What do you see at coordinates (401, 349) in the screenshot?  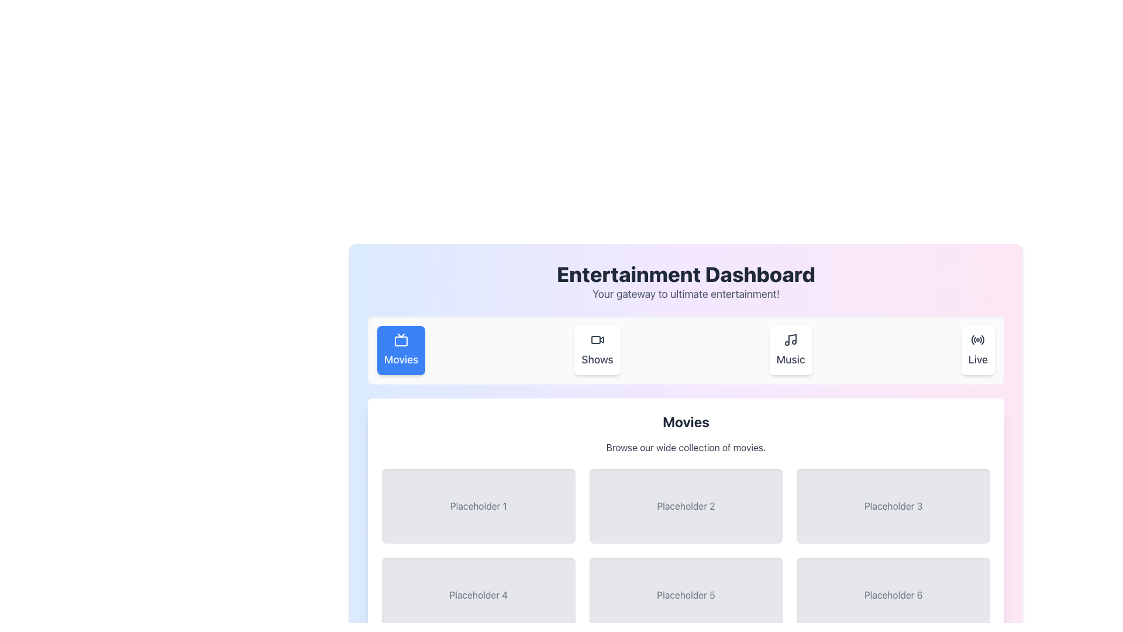 I see `the 'Movies' button, which has a bright blue background, rounded corners, and features a white television icon above the label in bold text` at bounding box center [401, 349].